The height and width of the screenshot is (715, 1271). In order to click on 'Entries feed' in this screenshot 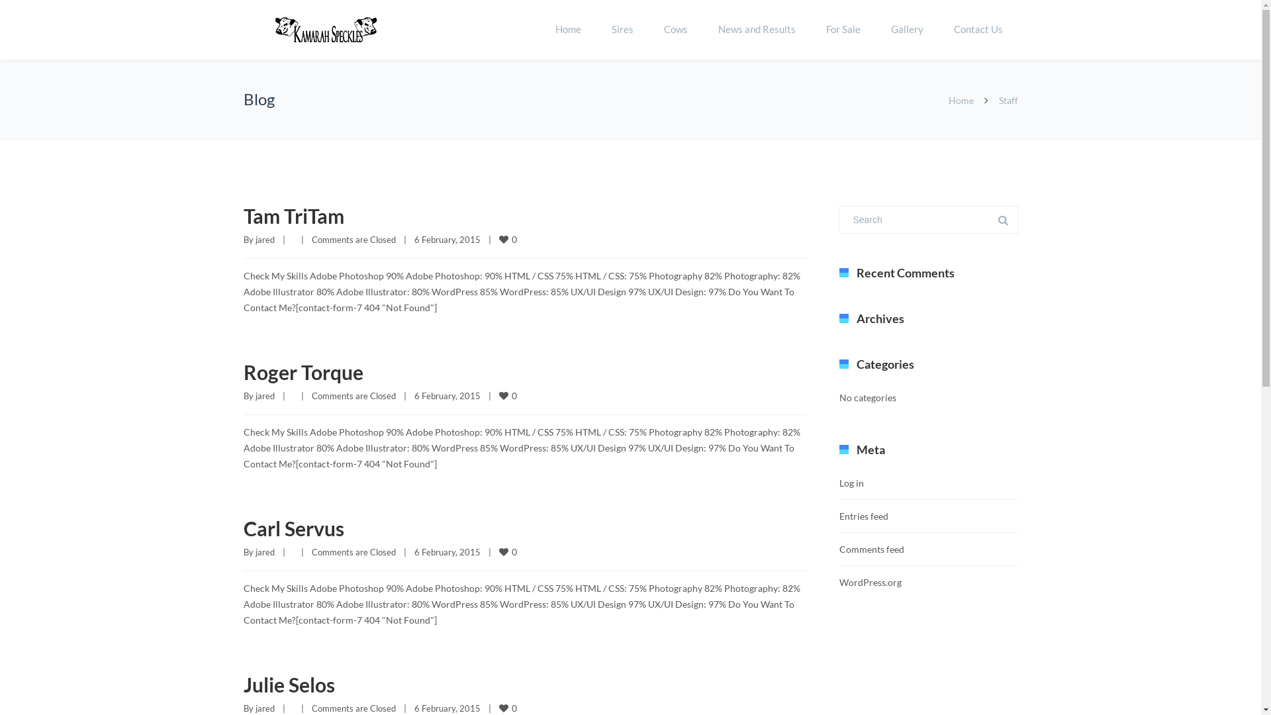, I will do `click(864, 515)`.